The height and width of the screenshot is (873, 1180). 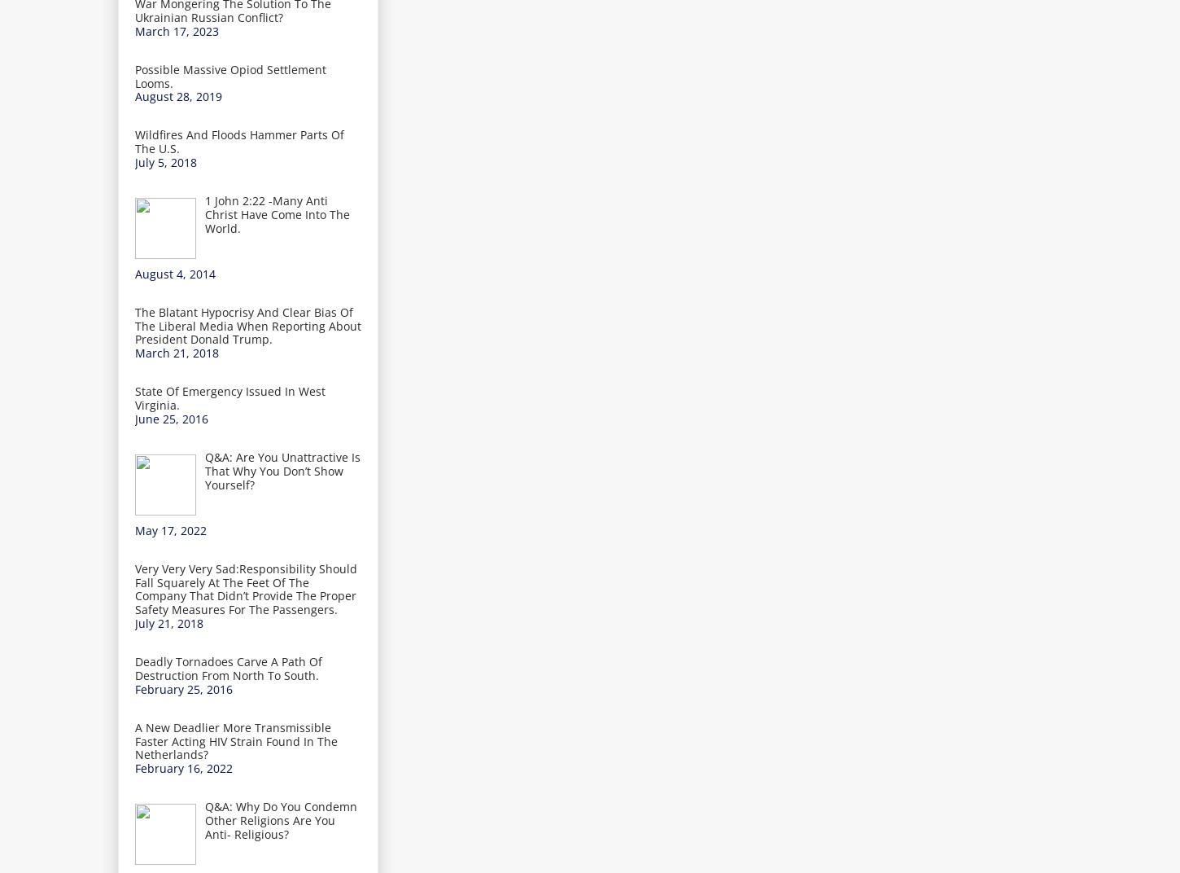 I want to click on 'June 25, 2016', so click(x=170, y=418).